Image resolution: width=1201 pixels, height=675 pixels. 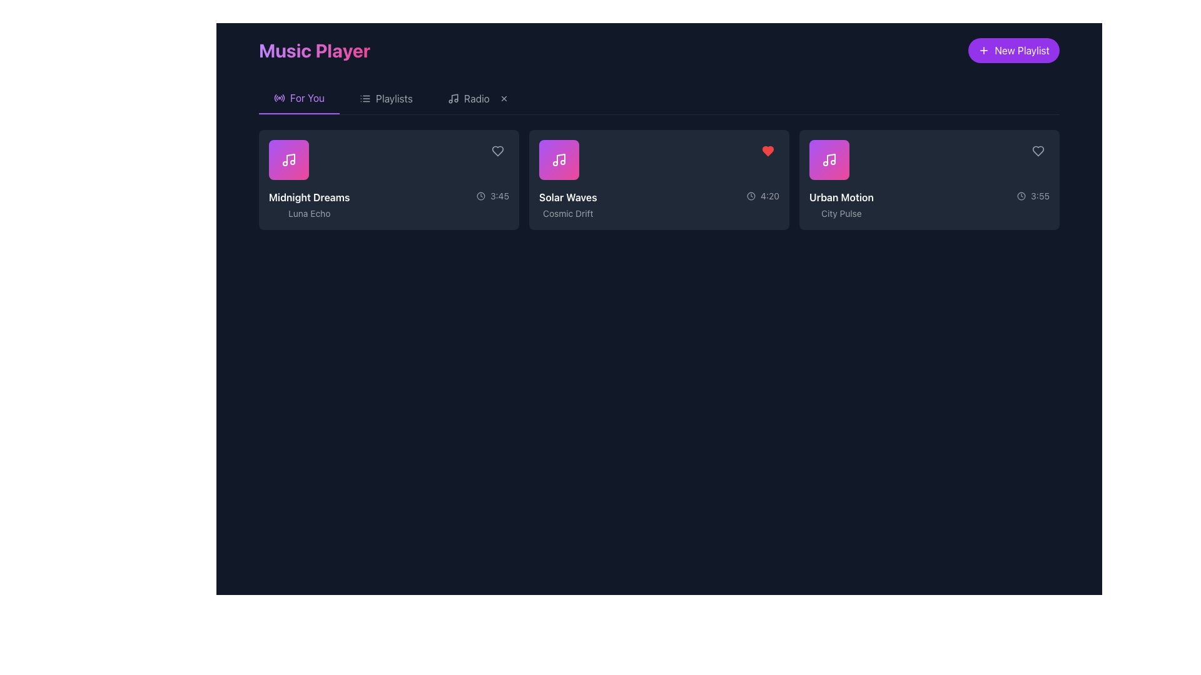 I want to click on the text block displaying the title 'Urban Motion' and descriptor 'City Pulse', located in the rightmost card of the grid beneath the purple music note icon, so click(x=841, y=204).